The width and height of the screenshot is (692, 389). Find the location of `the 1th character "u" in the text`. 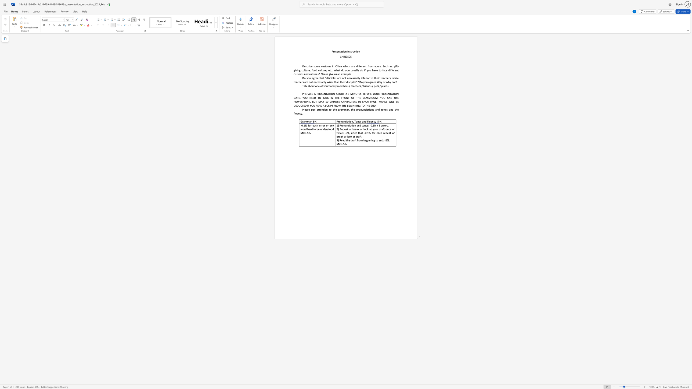

the 1th character "u" in the text is located at coordinates (343, 121).